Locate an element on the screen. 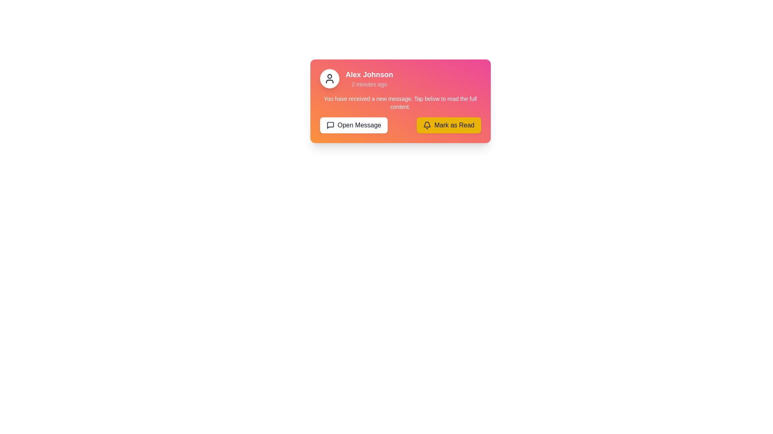 Image resolution: width=773 pixels, height=434 pixels. the textual label that identifies the sender 'Alex Johnson' and shows the recency '2 minutes ago' in the notification card is located at coordinates (369, 79).